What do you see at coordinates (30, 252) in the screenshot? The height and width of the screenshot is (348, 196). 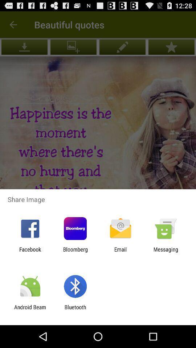 I see `the facebook item` at bounding box center [30, 252].